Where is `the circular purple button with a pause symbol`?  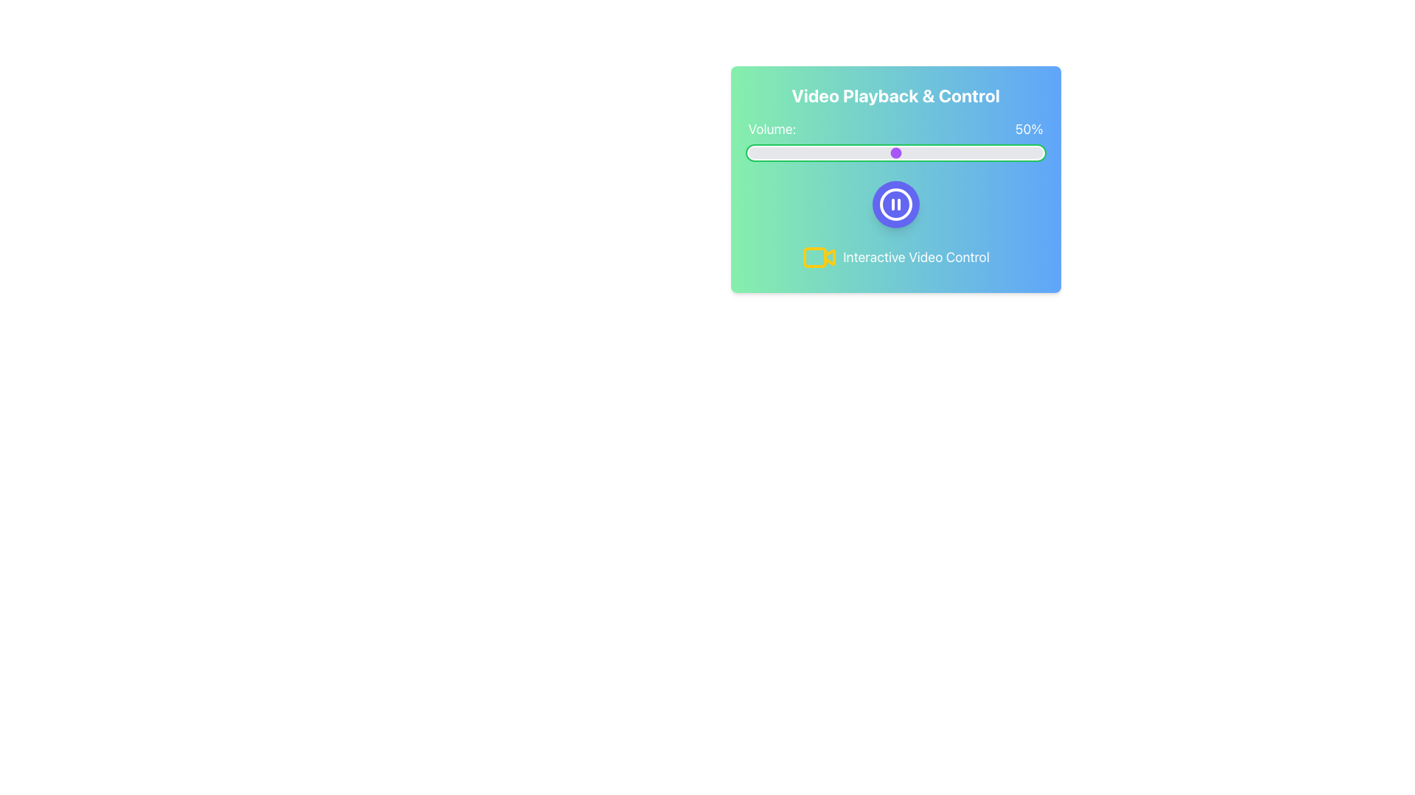 the circular purple button with a pause symbol is located at coordinates (895, 204).